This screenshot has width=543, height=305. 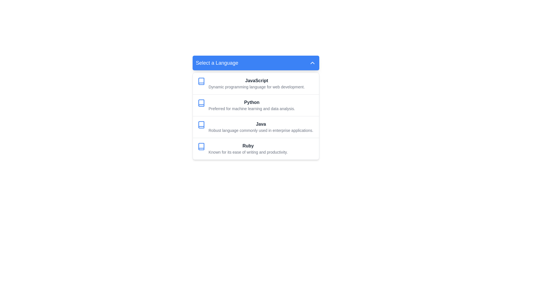 I want to click on the descriptive text label providing additional information about the 'JavaScript' programming language, located below the 'JavaScript' title in the dropdown menu titled 'Select a Language.', so click(x=256, y=87).